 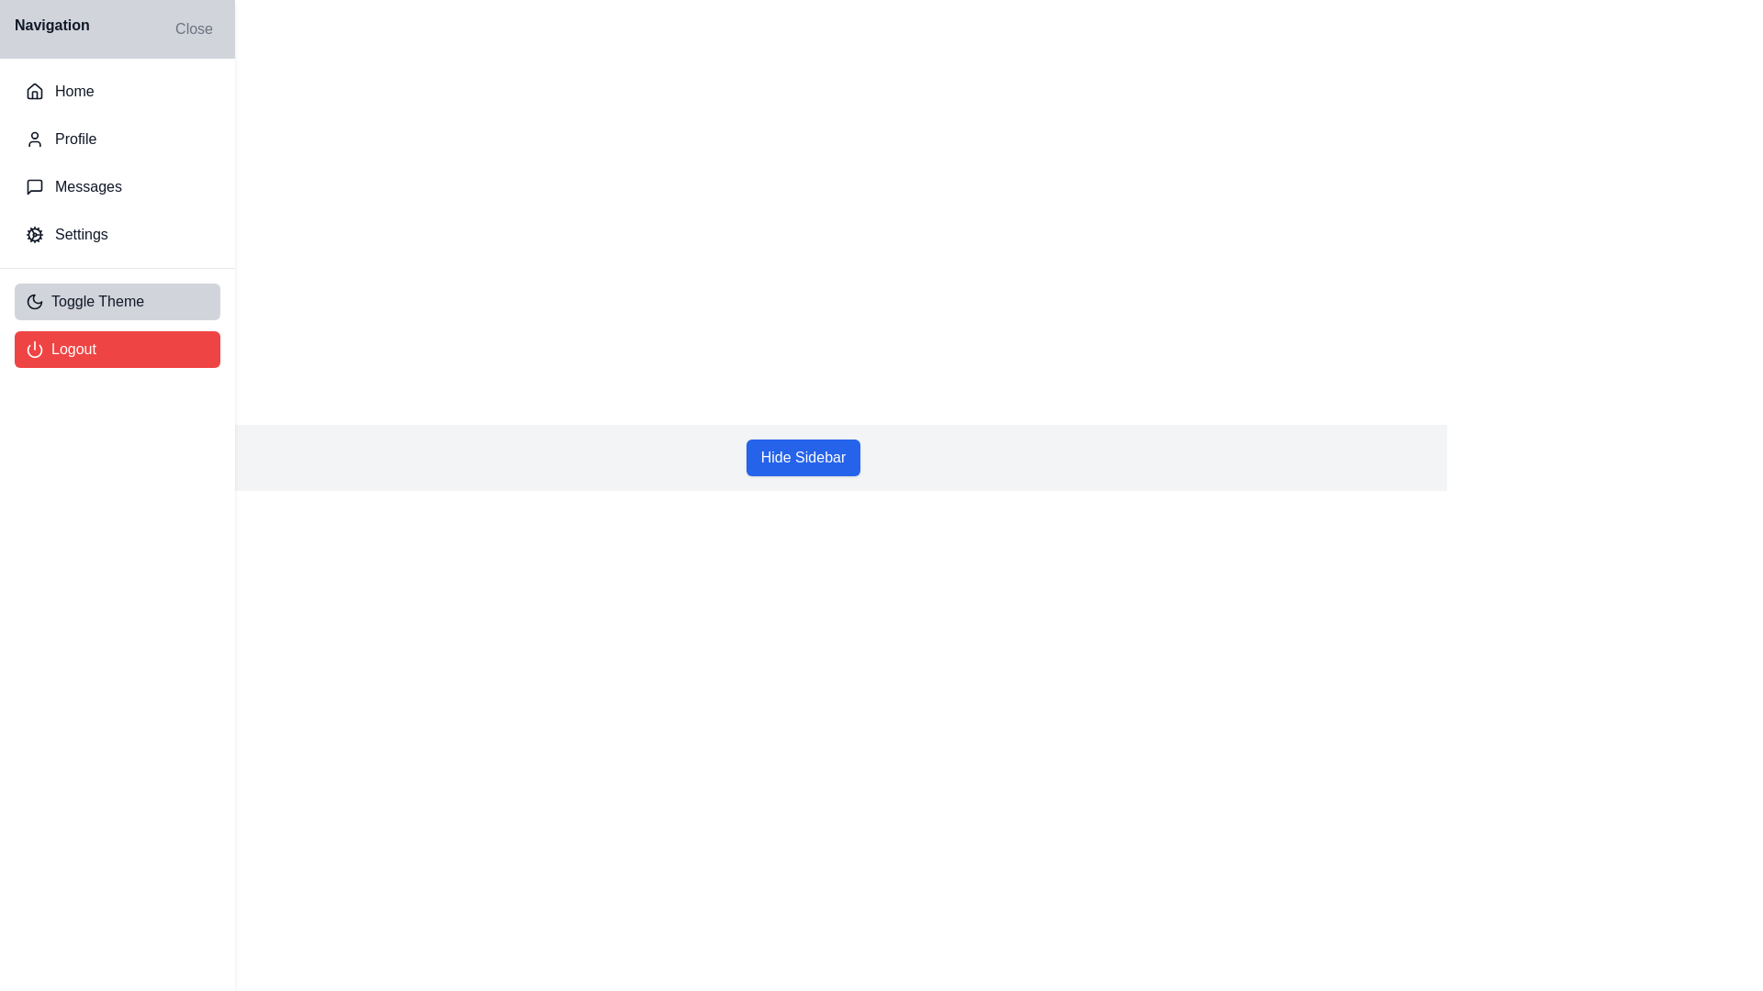 What do you see at coordinates (117, 350) in the screenshot?
I see `the 'Logout' button, which has a red background, white text, and a power icon on the left, located towards the bottom of the vertical navigation panel` at bounding box center [117, 350].